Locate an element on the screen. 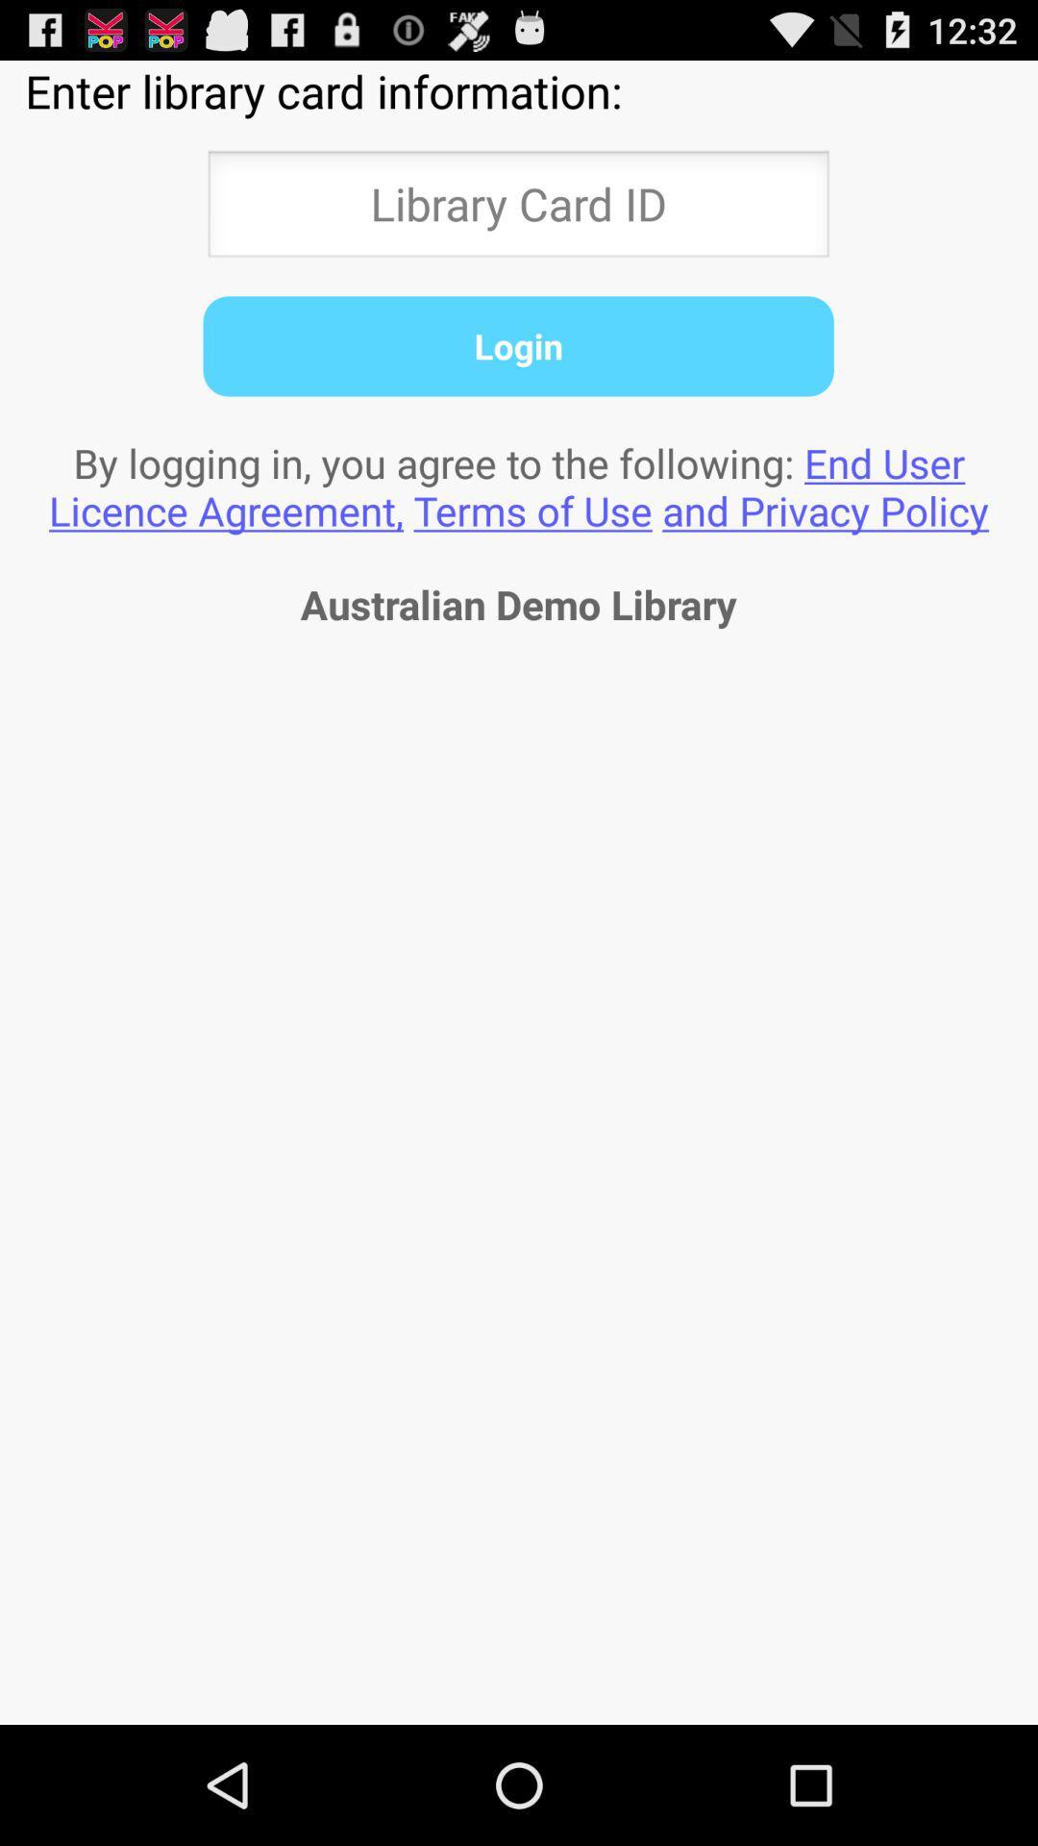 Image resolution: width=1038 pixels, height=1846 pixels. library card number is located at coordinates (517, 210).